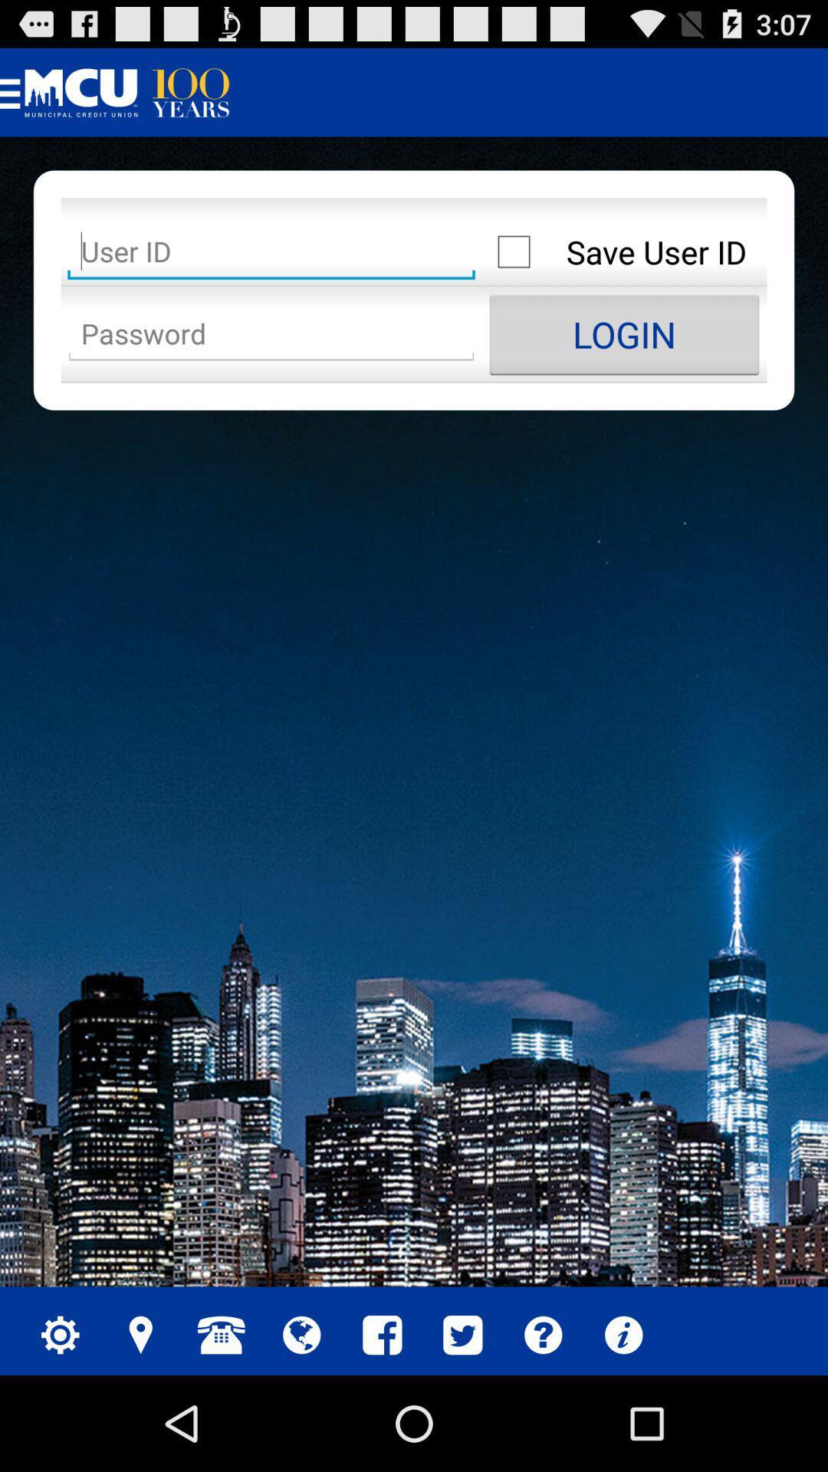 Image resolution: width=828 pixels, height=1472 pixels. What do you see at coordinates (624, 251) in the screenshot?
I see `the save user id icon` at bounding box center [624, 251].